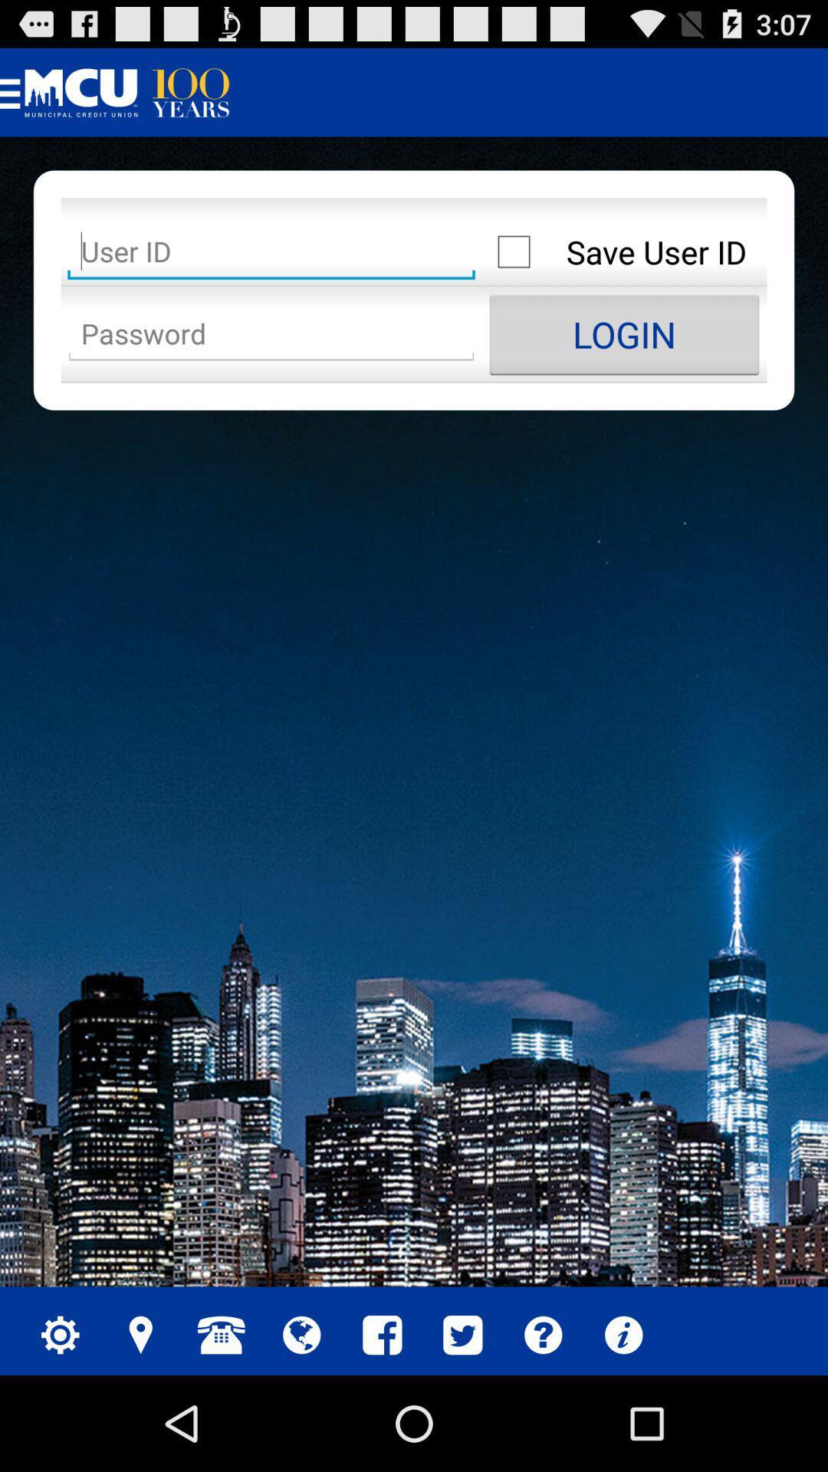 Image resolution: width=828 pixels, height=1472 pixels. What do you see at coordinates (624, 251) in the screenshot?
I see `the save user id icon` at bounding box center [624, 251].